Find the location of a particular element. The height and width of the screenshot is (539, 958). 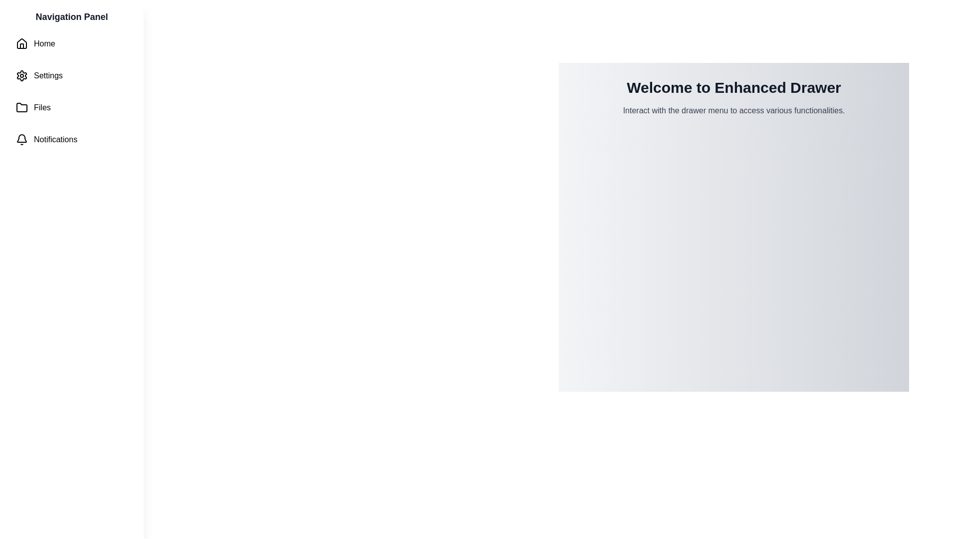

the 'Home' text label, which is styled with a sans-serif font and located to the right of a house-like icon in the navigation panel is located at coordinates (44, 43).